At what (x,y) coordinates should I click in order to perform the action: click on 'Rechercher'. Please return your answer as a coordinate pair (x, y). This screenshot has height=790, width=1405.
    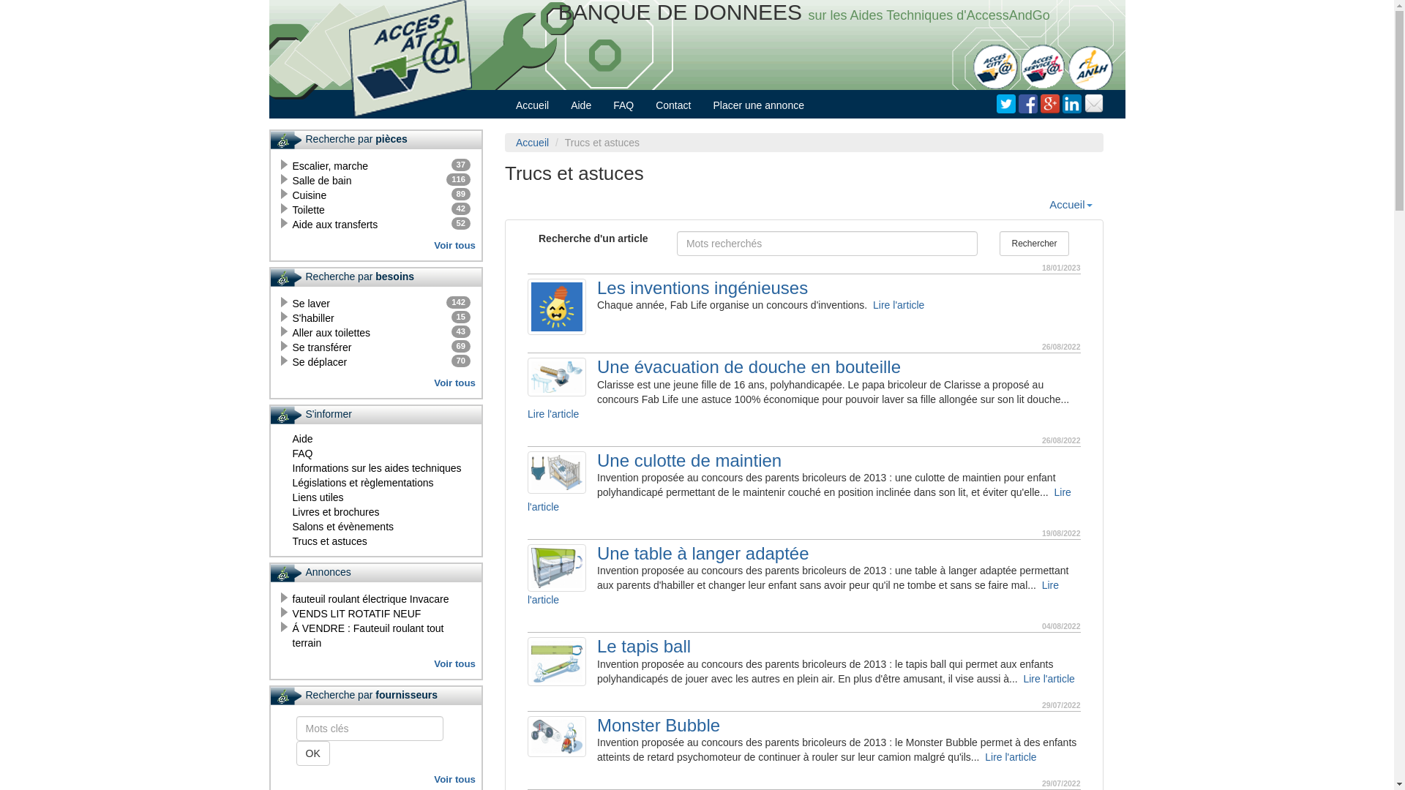
    Looking at the image, I should click on (1034, 242).